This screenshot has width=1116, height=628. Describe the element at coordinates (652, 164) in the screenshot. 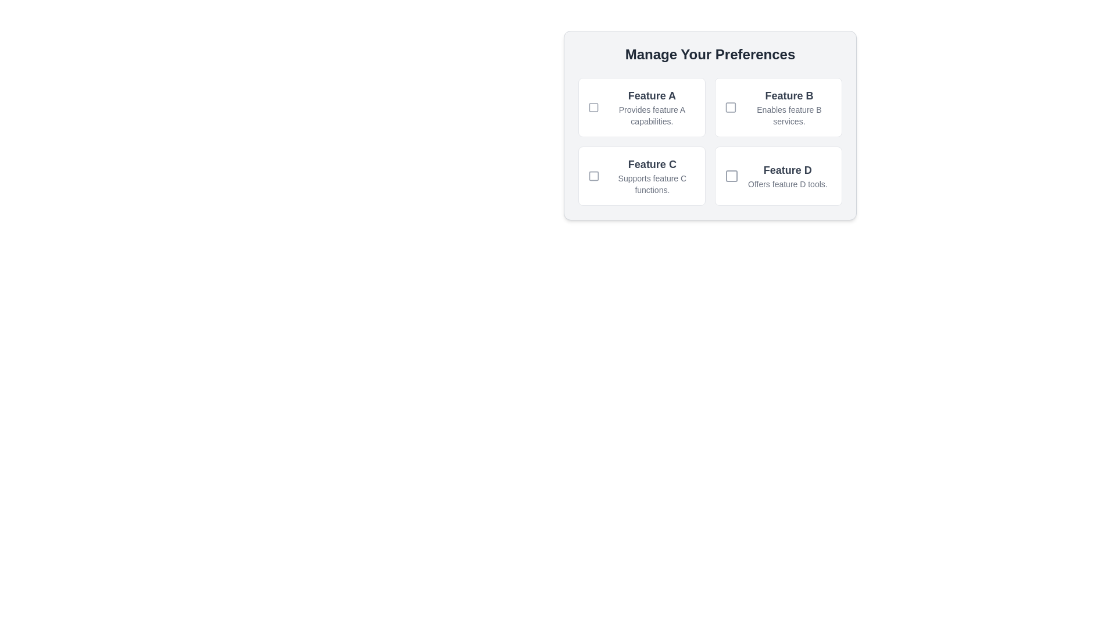

I see `the text label reading 'Feature C', which is styled with a bold font and dark gray color, located at the top of the 'Feature C' section` at that location.